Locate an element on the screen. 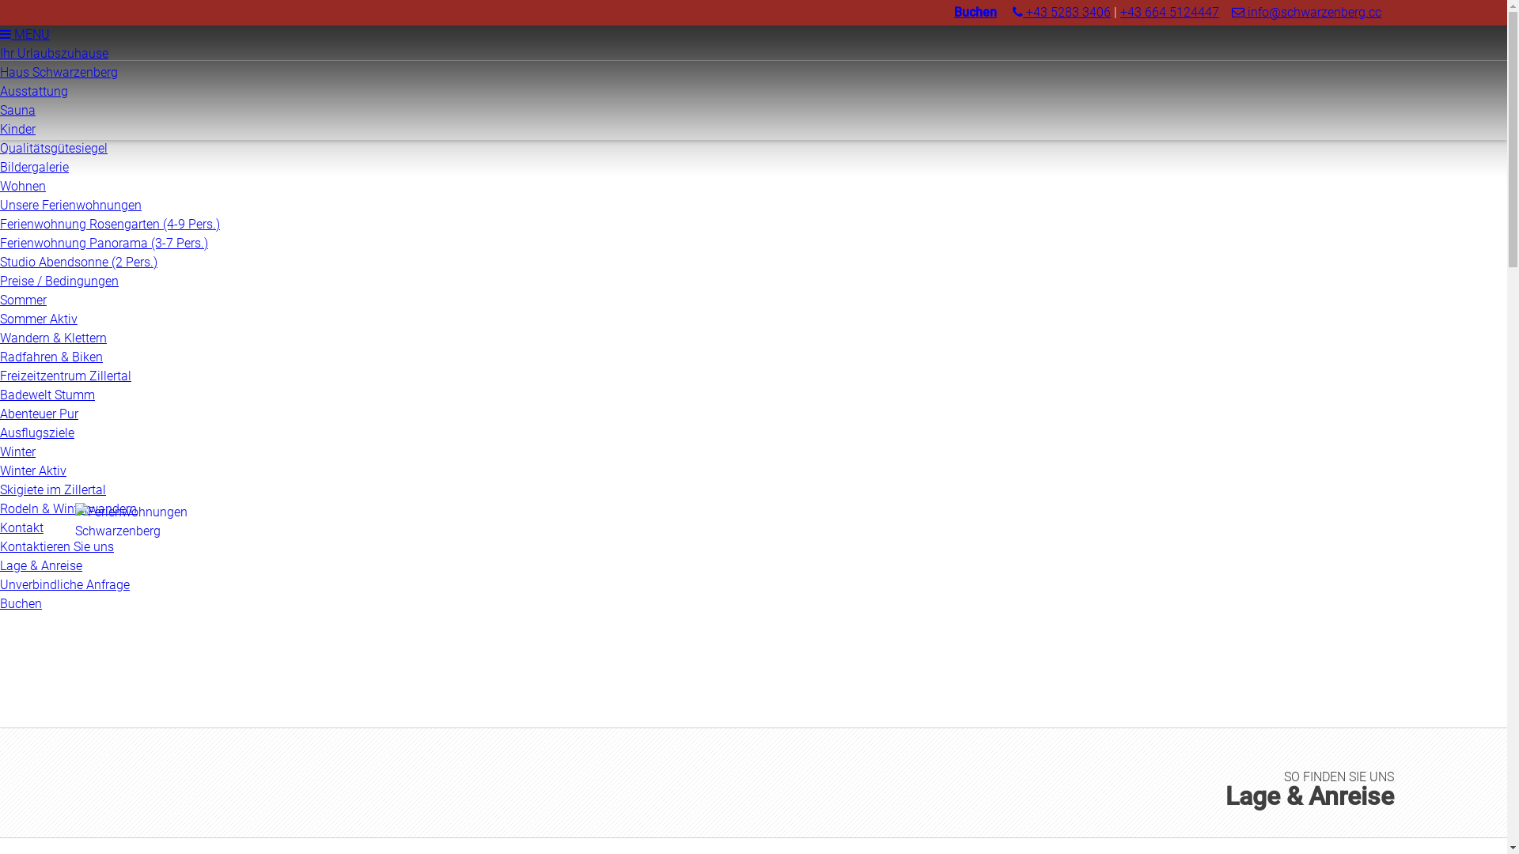 The image size is (1519, 854). 'Ferienwohnung Rosengarten (4-9 Pers.)' is located at coordinates (109, 224).